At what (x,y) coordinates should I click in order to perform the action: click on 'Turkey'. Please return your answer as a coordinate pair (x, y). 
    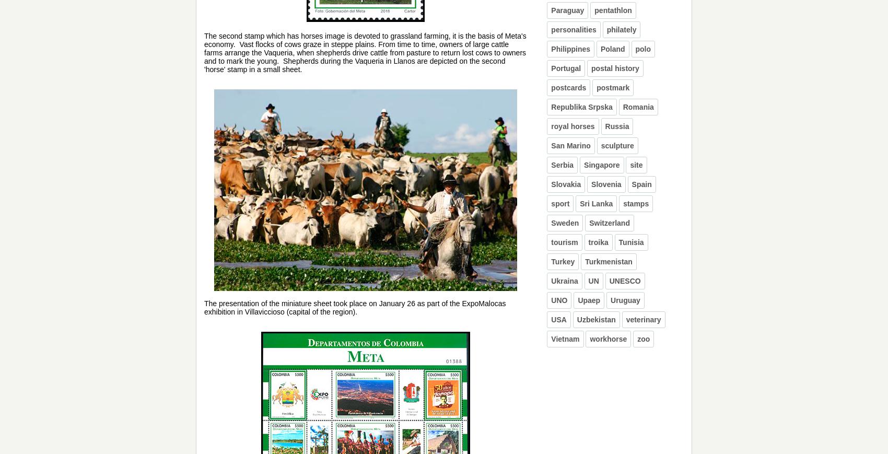
    Looking at the image, I should click on (563, 261).